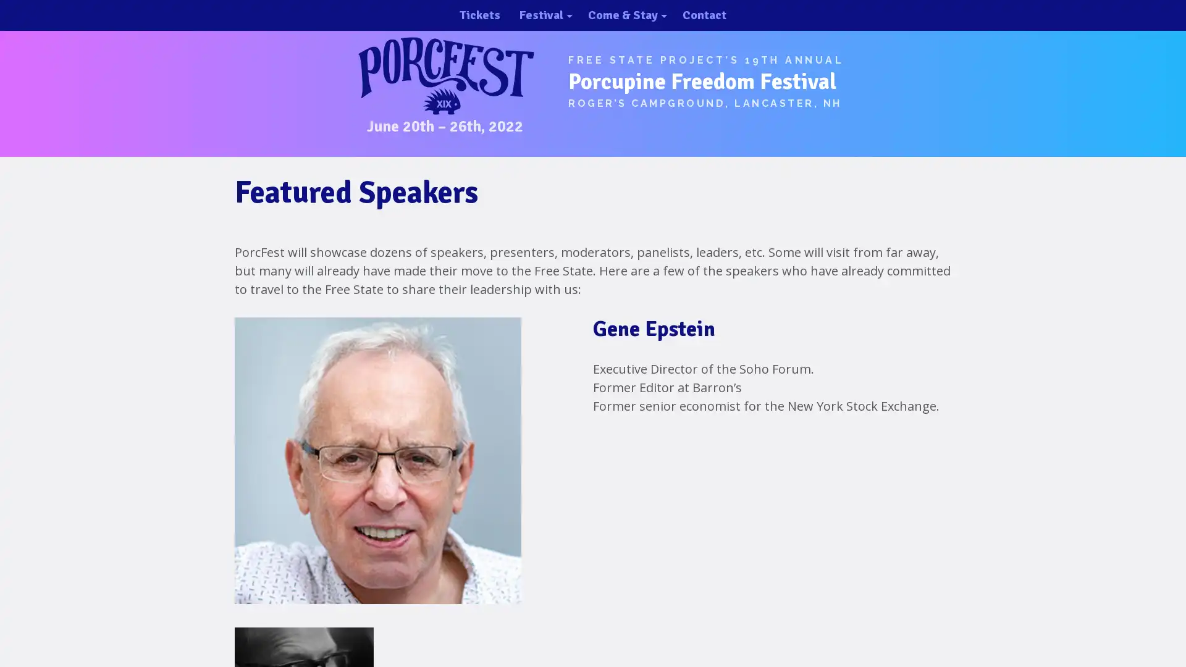 This screenshot has width=1186, height=667. I want to click on close, so click(1146, 49).